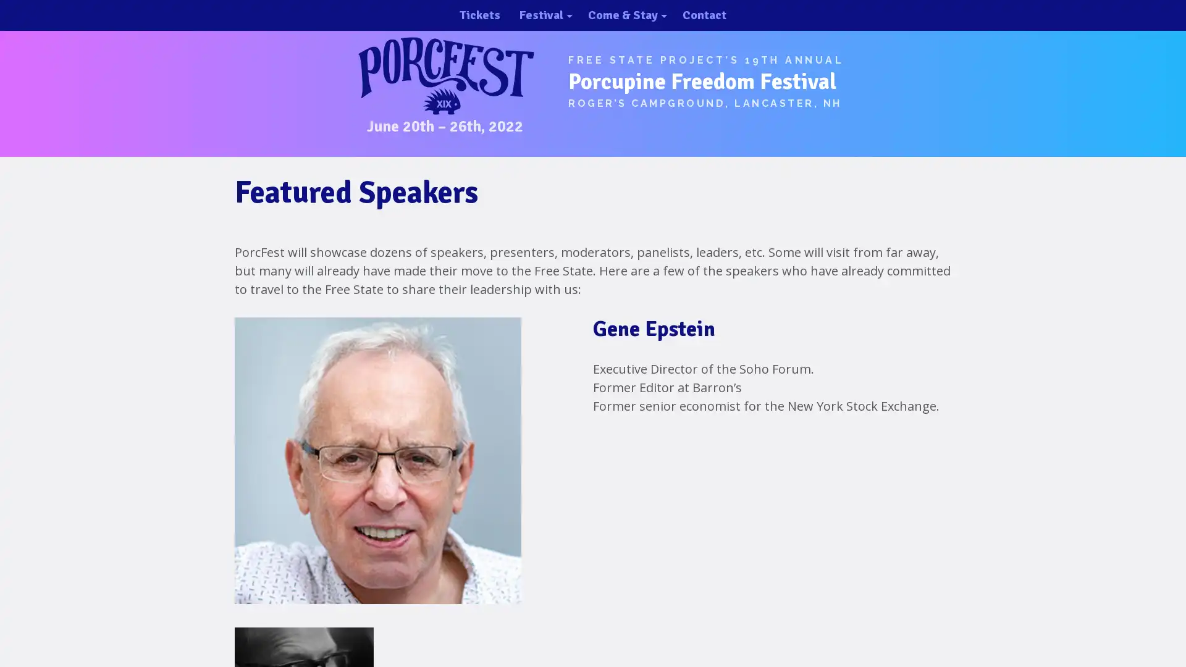 This screenshot has width=1186, height=667. I want to click on close, so click(1146, 49).